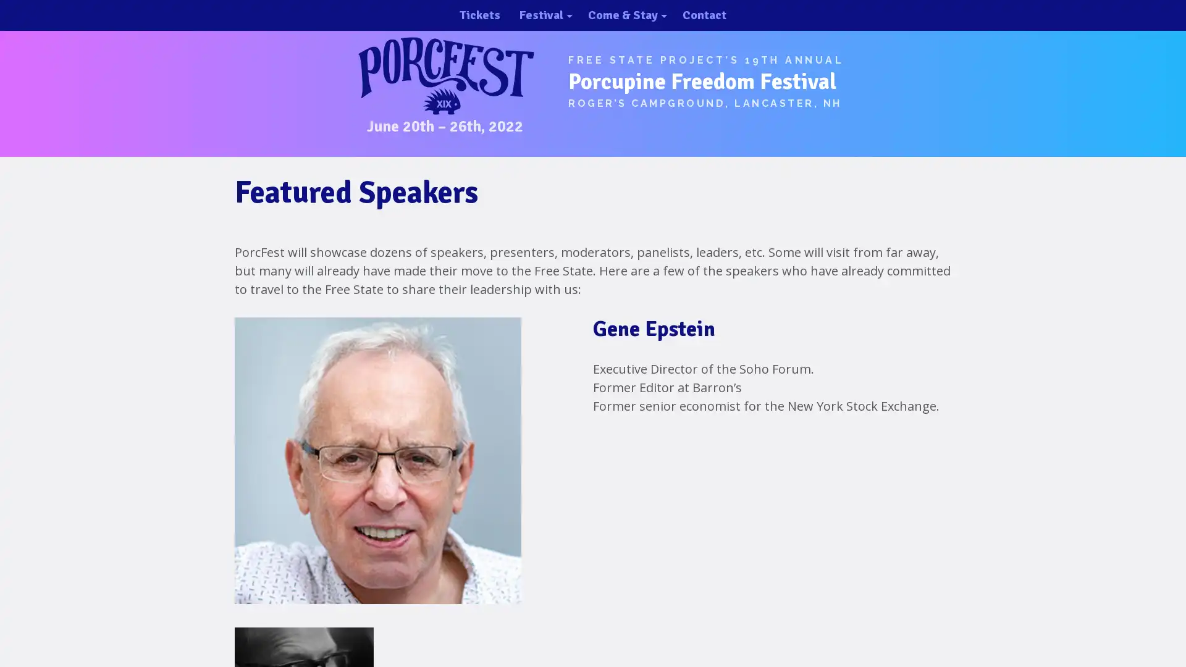 This screenshot has width=1186, height=667. I want to click on close, so click(1146, 49).